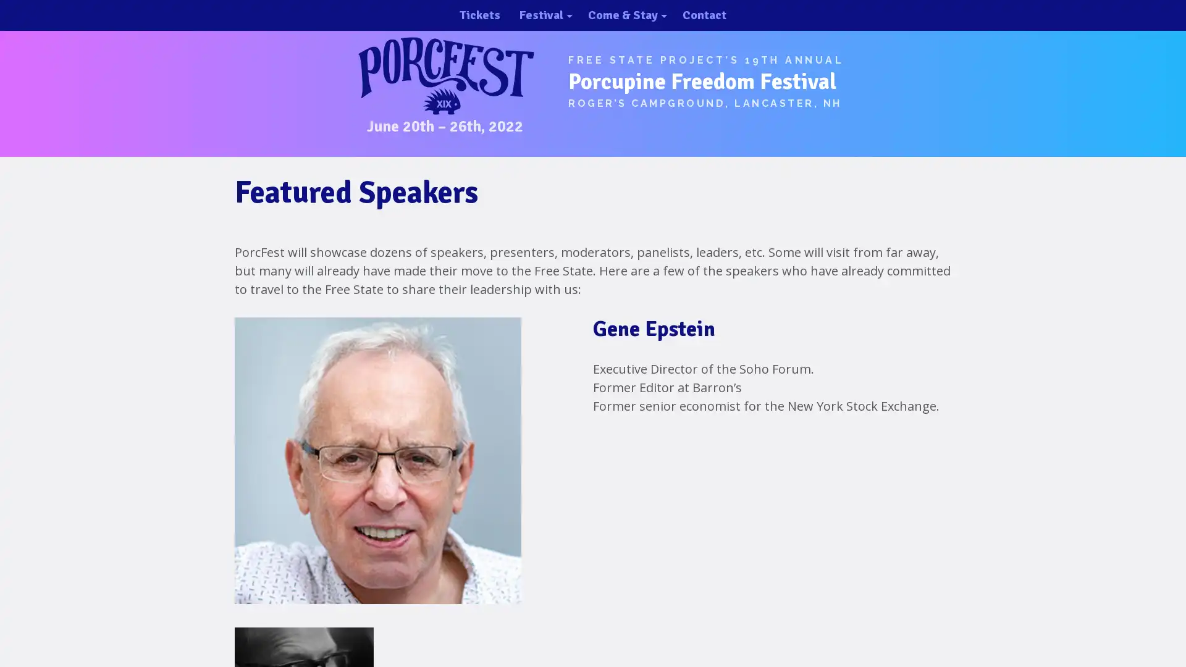 This screenshot has width=1186, height=667. I want to click on close, so click(1146, 49).